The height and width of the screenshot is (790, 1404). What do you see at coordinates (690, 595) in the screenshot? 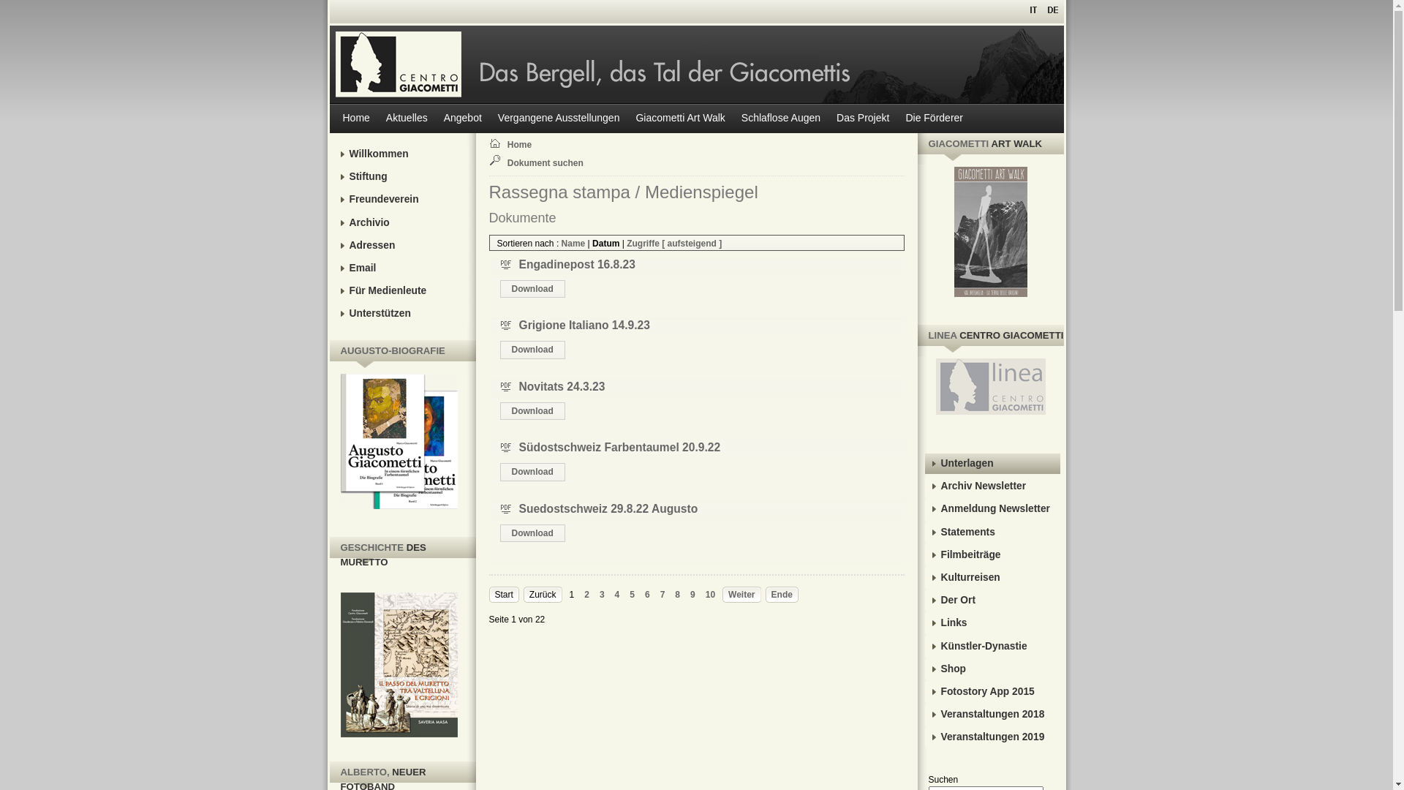
I see `'9'` at bounding box center [690, 595].